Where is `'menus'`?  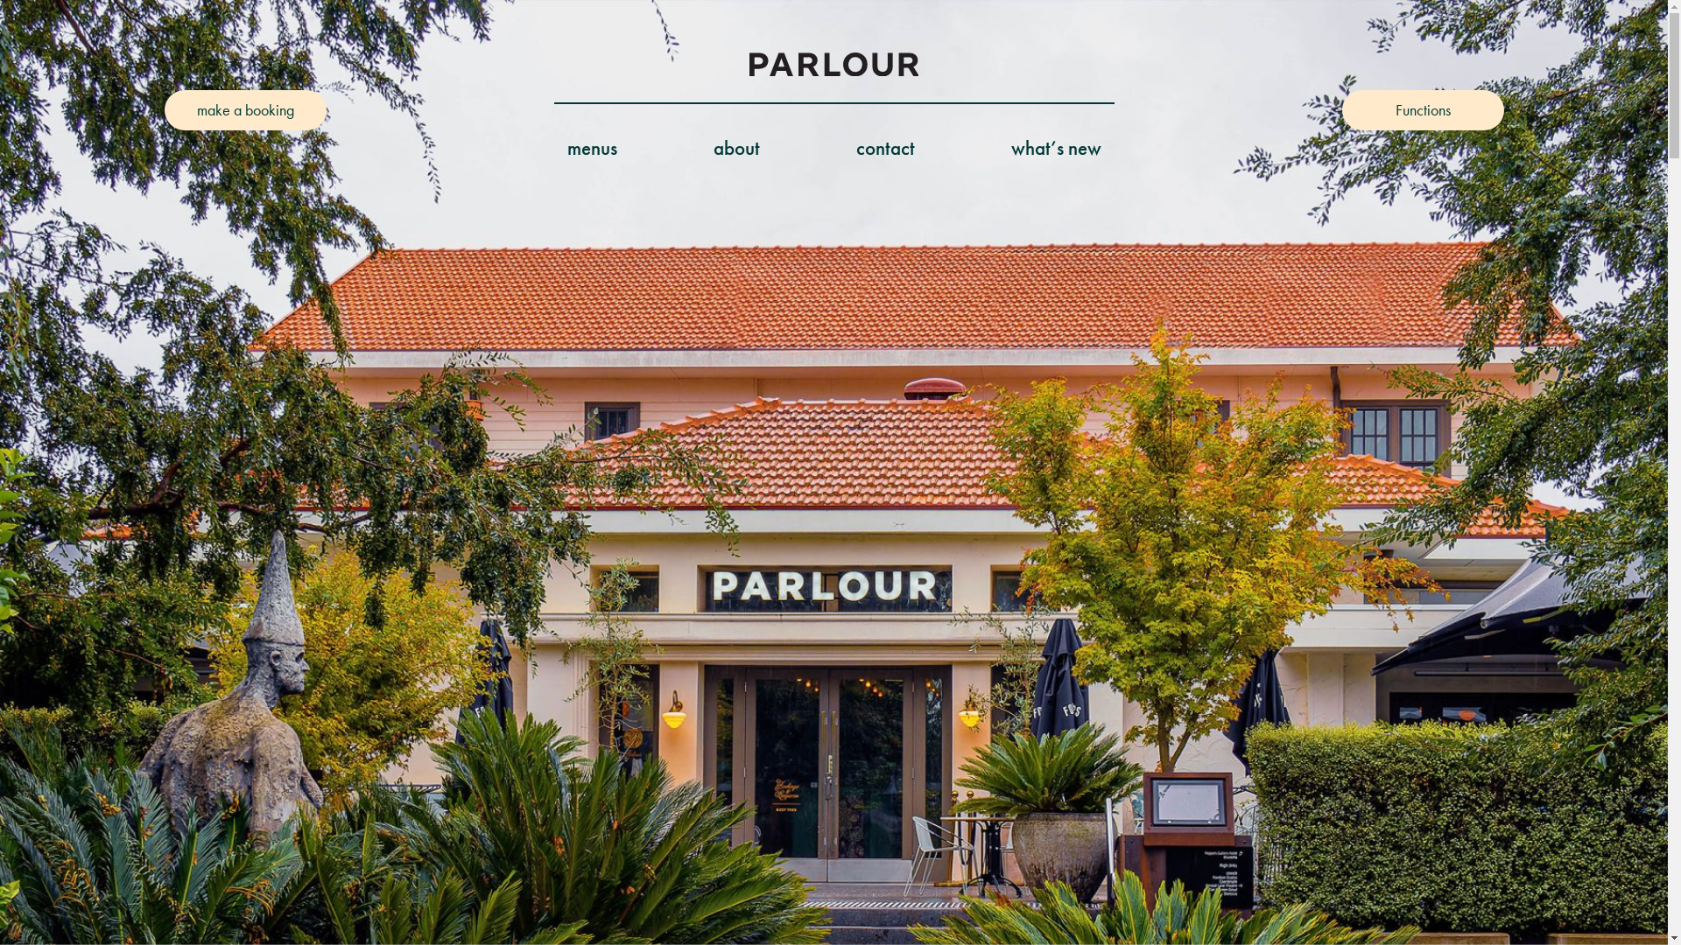
'menus' is located at coordinates (592, 148).